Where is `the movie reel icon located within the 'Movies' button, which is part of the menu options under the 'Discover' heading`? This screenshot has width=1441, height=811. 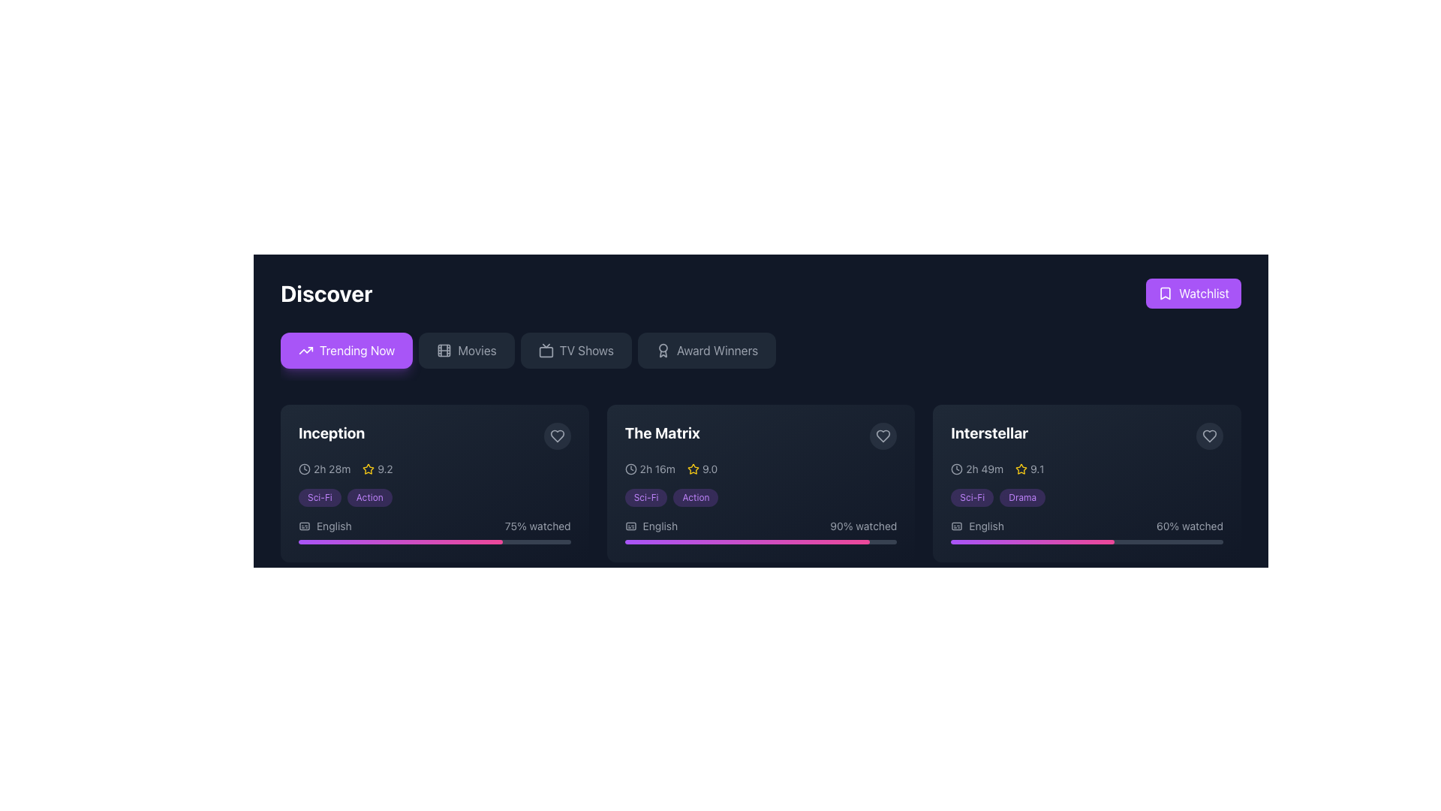 the movie reel icon located within the 'Movies' button, which is part of the menu options under the 'Discover' heading is located at coordinates (444, 350).